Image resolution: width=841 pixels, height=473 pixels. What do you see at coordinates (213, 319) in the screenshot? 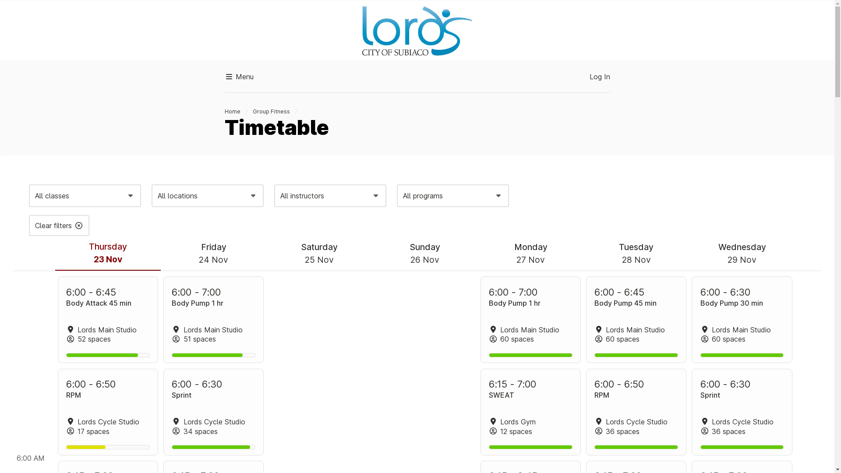
I see `'Body Pump 1 hr` at bounding box center [213, 319].